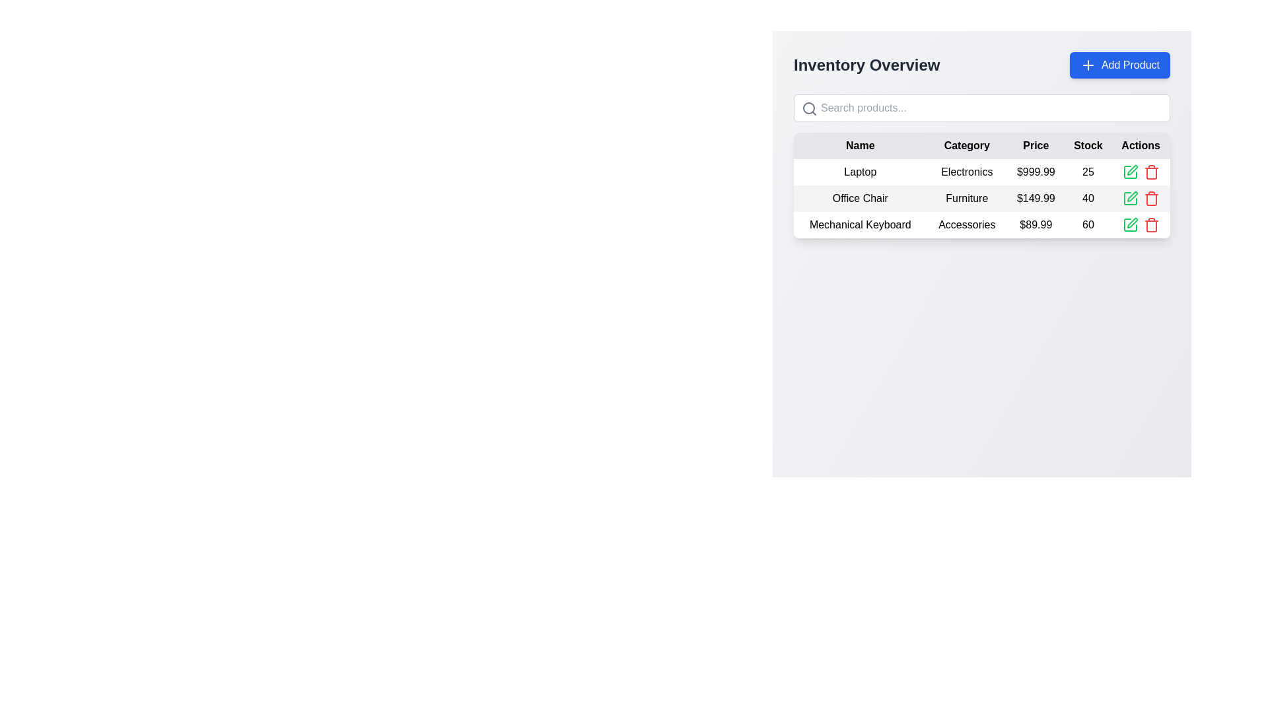  What do you see at coordinates (1140, 172) in the screenshot?
I see `the green pencil icon in the action panel of the entry 'Laptop, Electronics, $999.99, 25'` at bounding box center [1140, 172].